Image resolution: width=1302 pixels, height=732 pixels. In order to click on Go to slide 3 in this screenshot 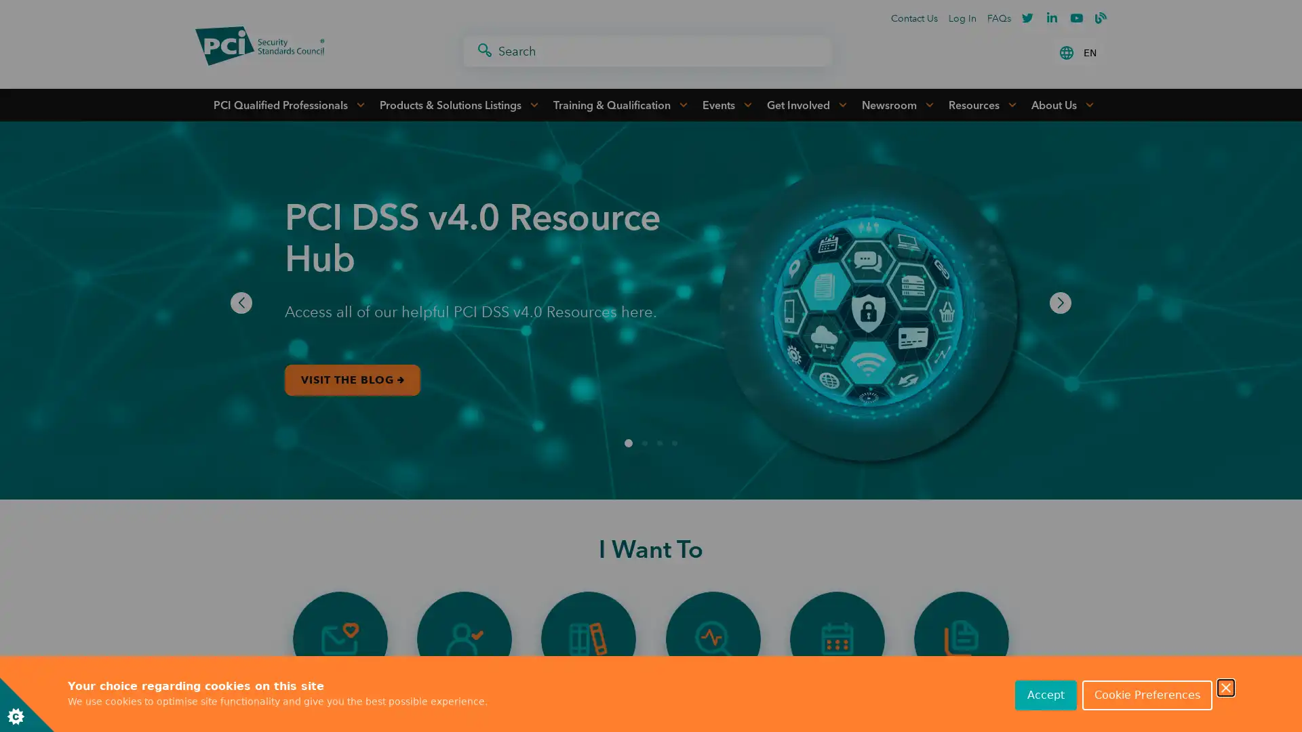, I will do `click(660, 443)`.